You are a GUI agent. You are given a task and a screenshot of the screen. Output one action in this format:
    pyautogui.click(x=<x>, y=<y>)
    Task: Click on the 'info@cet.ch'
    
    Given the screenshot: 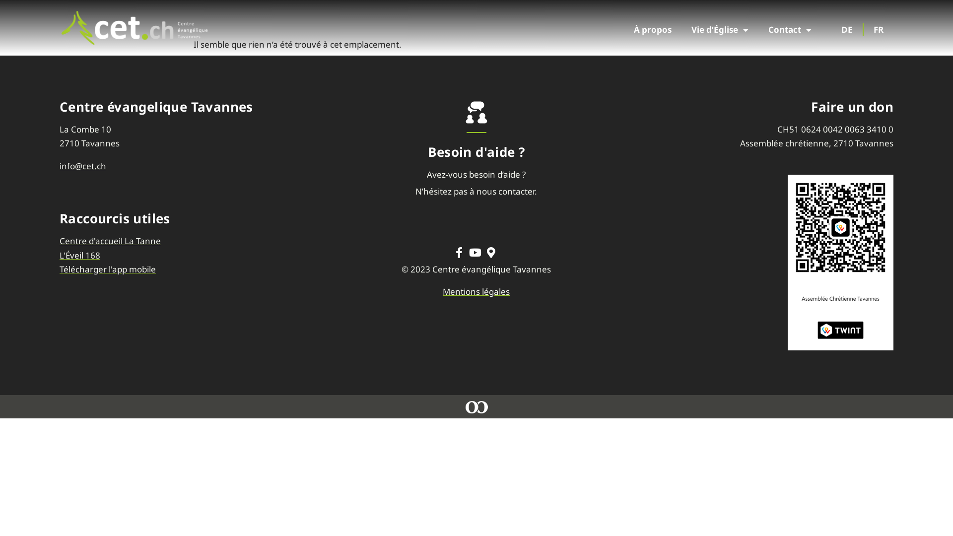 What is the action you would take?
    pyautogui.click(x=59, y=166)
    